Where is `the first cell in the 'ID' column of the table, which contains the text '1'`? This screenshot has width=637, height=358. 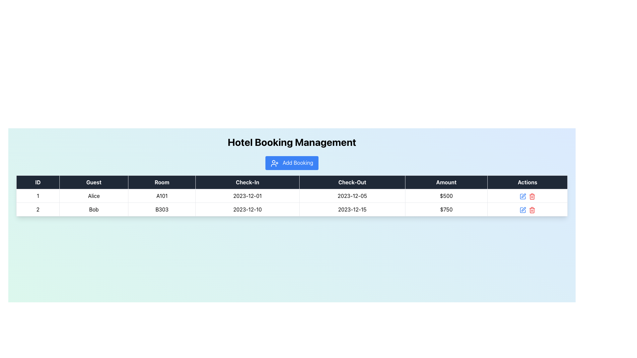 the first cell in the 'ID' column of the table, which contains the text '1' is located at coordinates (37, 195).